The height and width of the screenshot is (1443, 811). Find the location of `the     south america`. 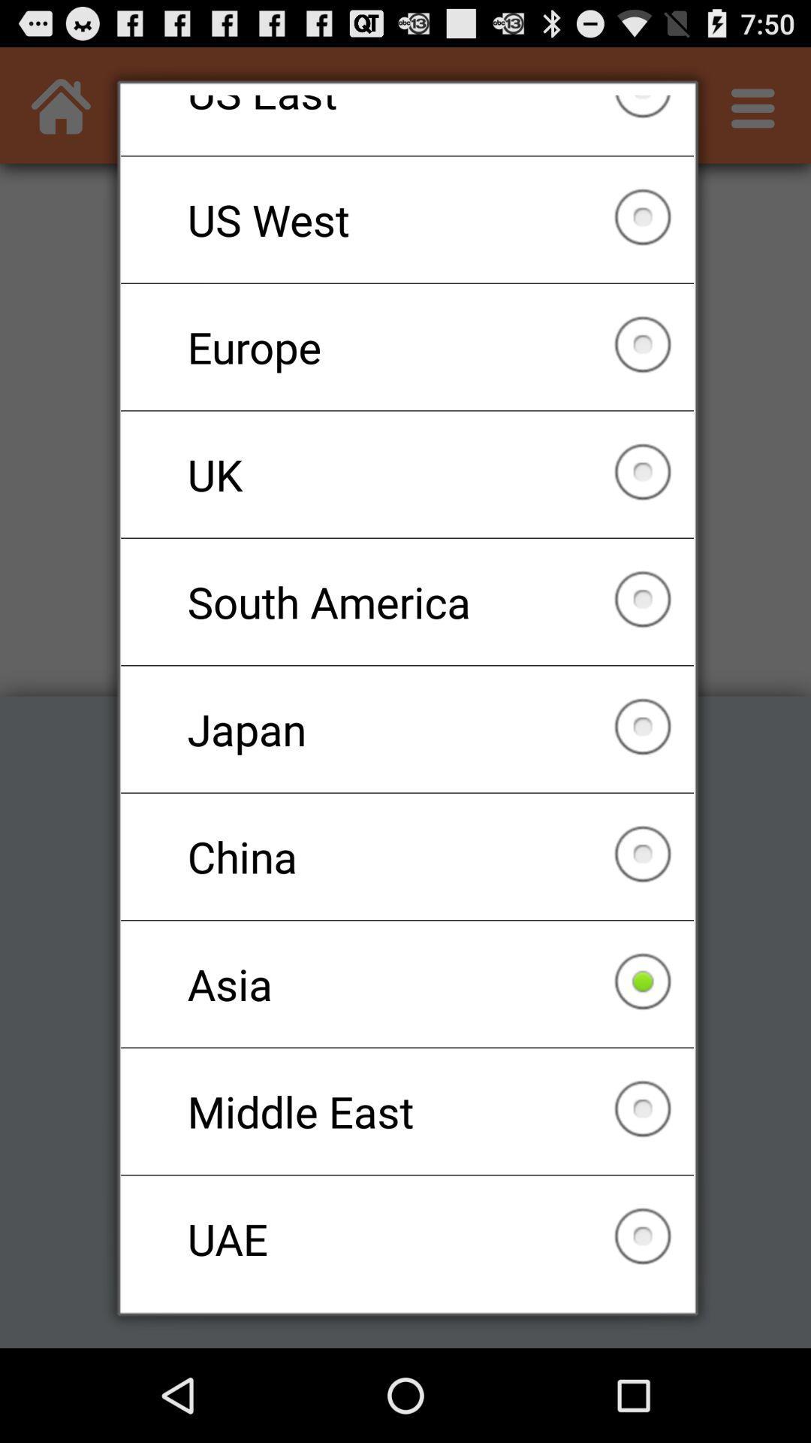

the     south america is located at coordinates (407, 602).